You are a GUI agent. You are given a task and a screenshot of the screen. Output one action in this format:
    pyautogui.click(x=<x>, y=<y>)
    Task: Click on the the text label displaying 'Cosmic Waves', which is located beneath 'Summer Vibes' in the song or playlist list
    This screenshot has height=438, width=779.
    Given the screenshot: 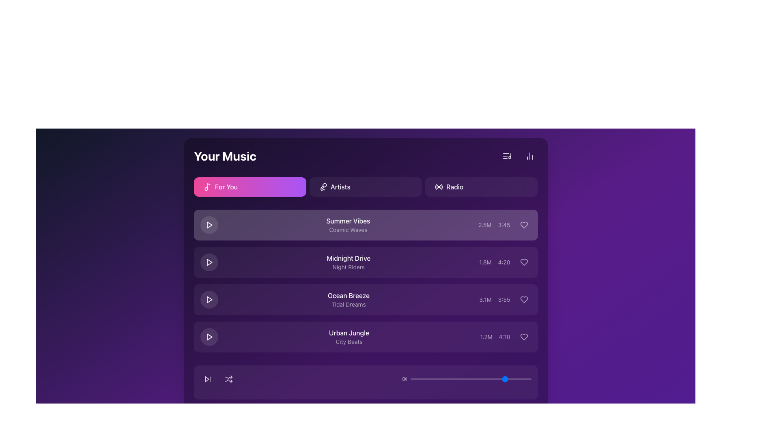 What is the action you would take?
    pyautogui.click(x=348, y=230)
    